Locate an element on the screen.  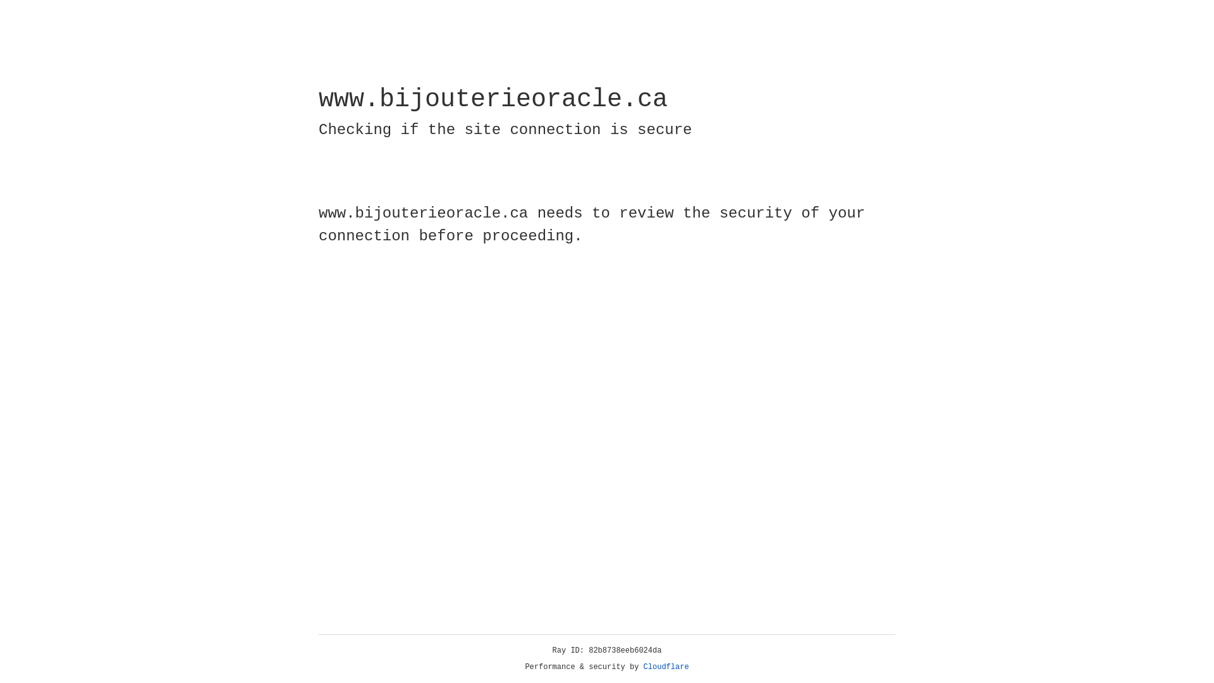
'Cloudflare' is located at coordinates (666, 667).